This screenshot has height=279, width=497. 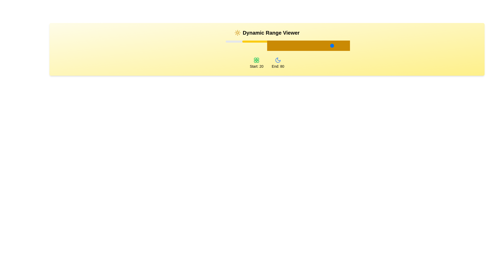 I want to click on the slider, so click(x=272, y=41).